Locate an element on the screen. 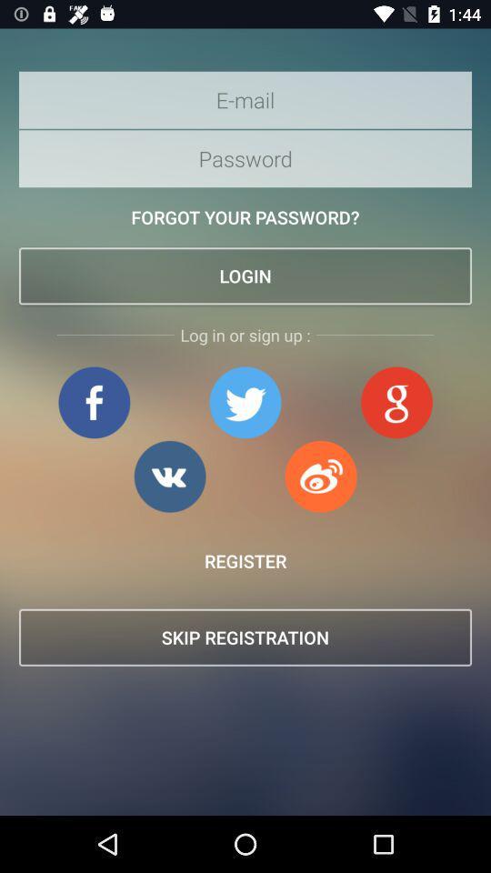 This screenshot has width=491, height=873. password is located at coordinates (245, 157).